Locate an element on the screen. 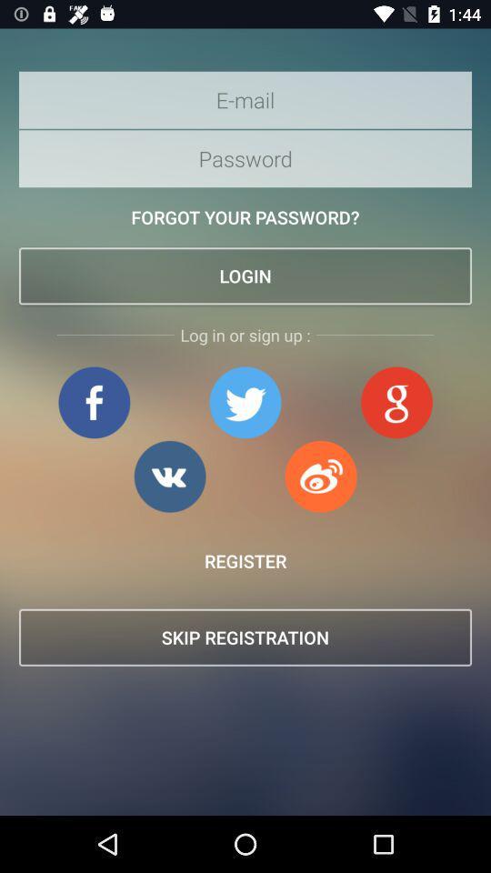 This screenshot has width=491, height=873. password is located at coordinates (245, 157).